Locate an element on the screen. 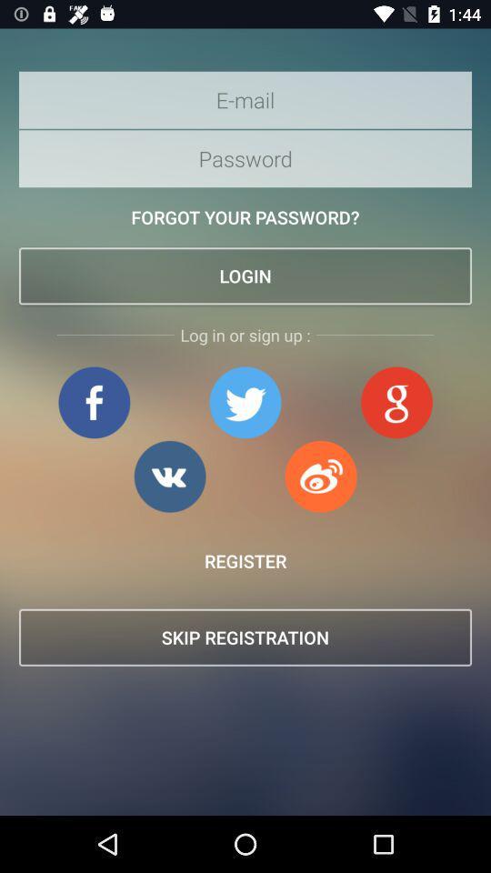 This screenshot has width=491, height=873. password is located at coordinates (245, 157).